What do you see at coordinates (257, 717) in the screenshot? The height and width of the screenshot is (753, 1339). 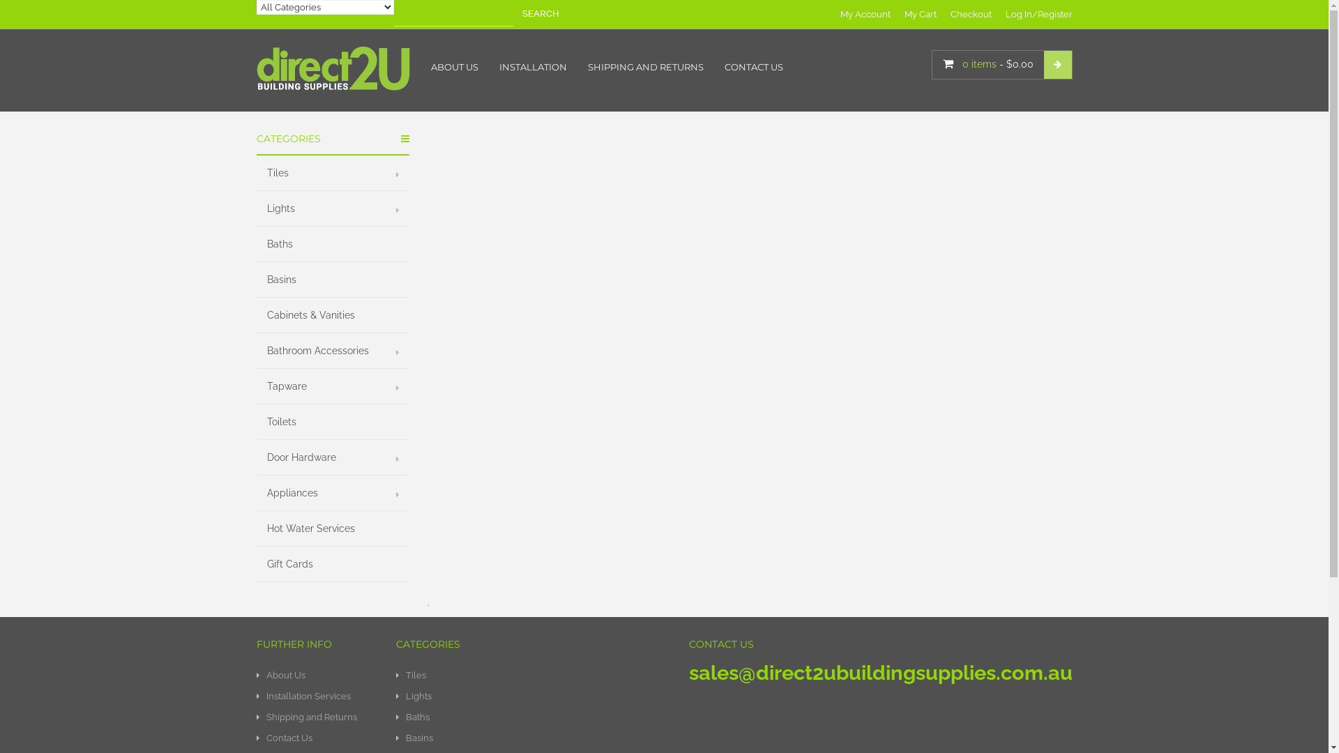 I see `'Shipping and Returns'` at bounding box center [257, 717].